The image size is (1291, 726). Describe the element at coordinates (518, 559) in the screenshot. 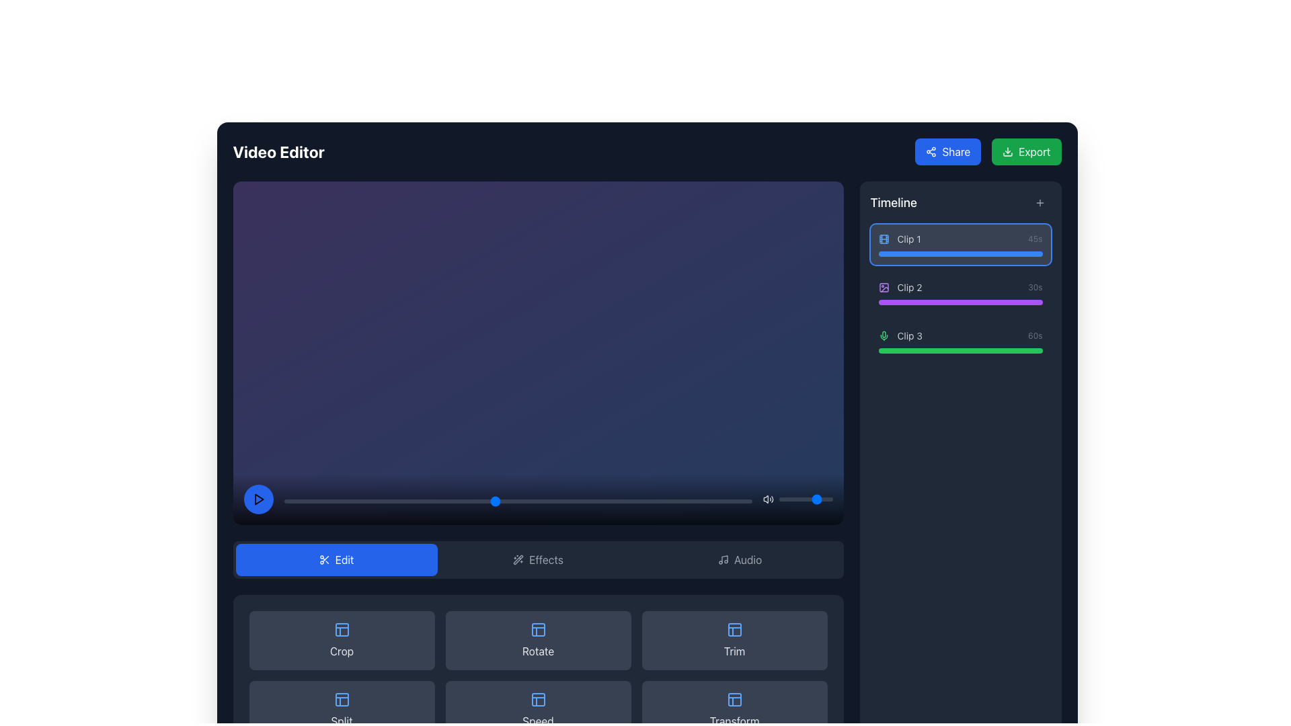

I see `the Icon that represents an effect-related action, located in the lower toolbar next to the 'Effects' label` at that location.